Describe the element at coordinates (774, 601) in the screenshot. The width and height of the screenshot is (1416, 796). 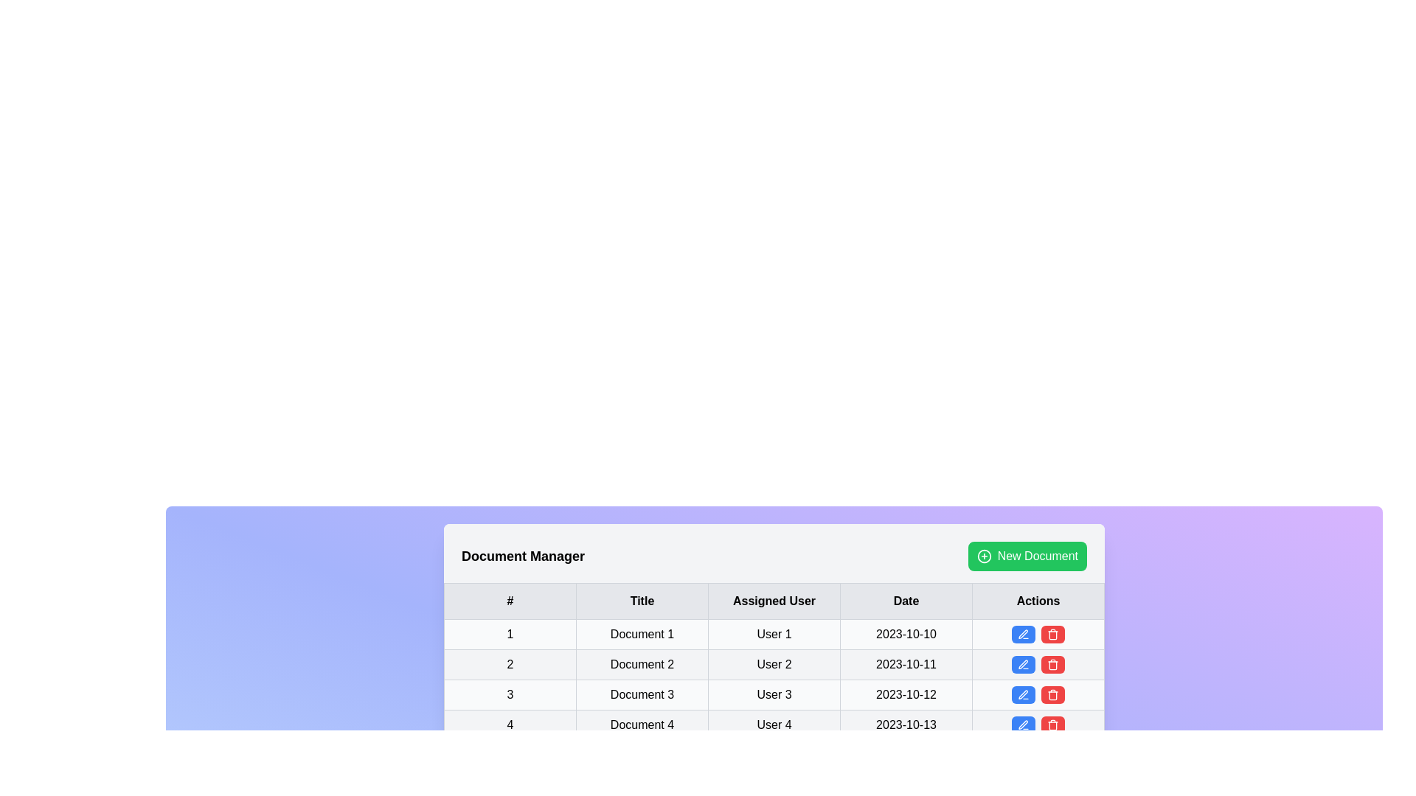
I see `on the 'Assigned User' table header` at that location.